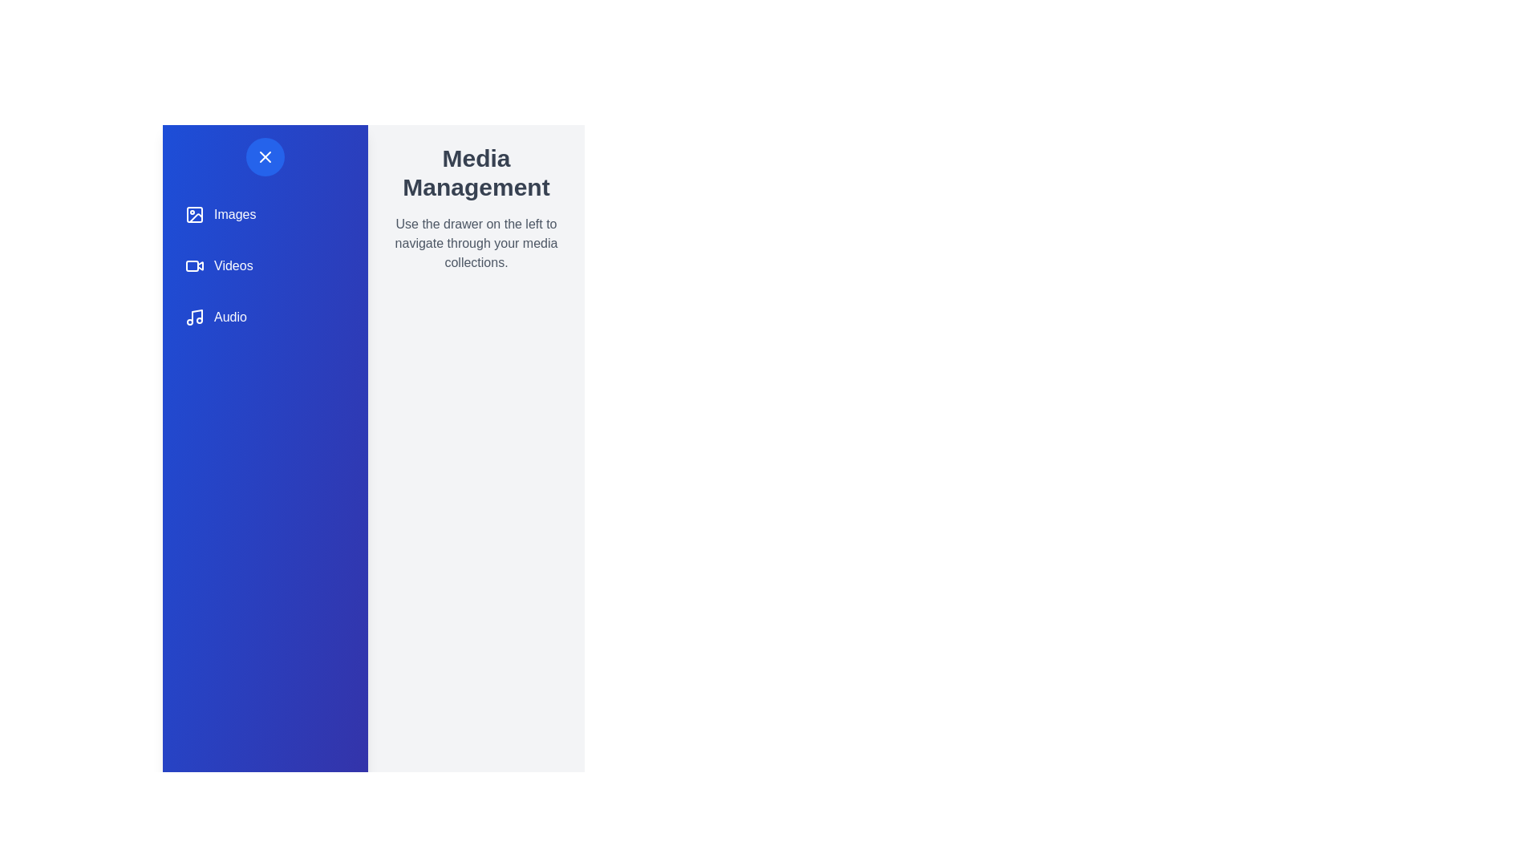 This screenshot has height=866, width=1540. I want to click on the 'Audio' button, which is the third item in the vertical navigation list on the left, featuring a musical note icon and the label 'Audio', so click(215, 318).